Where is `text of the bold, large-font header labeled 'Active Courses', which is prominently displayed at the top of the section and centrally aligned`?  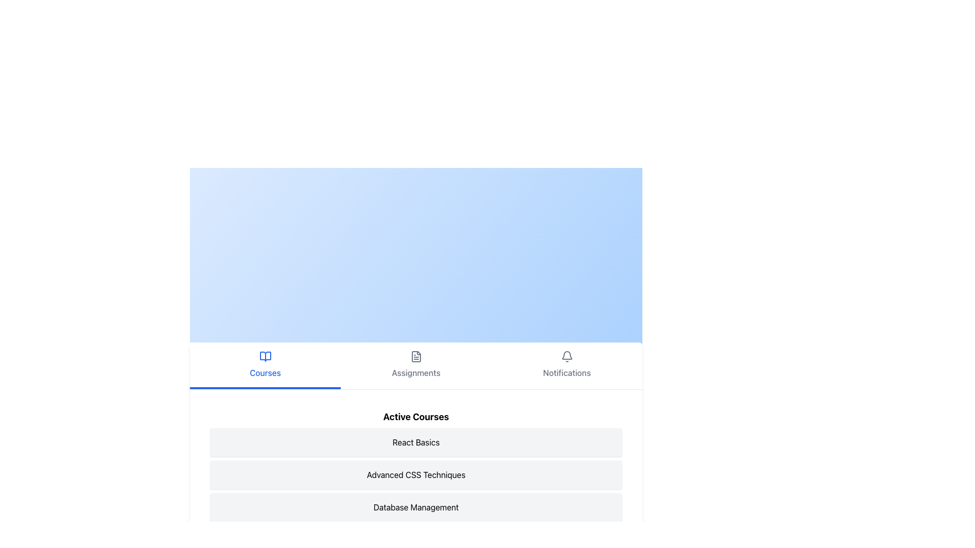
text of the bold, large-font header labeled 'Active Courses', which is prominently displayed at the top of the section and centrally aligned is located at coordinates (416, 417).